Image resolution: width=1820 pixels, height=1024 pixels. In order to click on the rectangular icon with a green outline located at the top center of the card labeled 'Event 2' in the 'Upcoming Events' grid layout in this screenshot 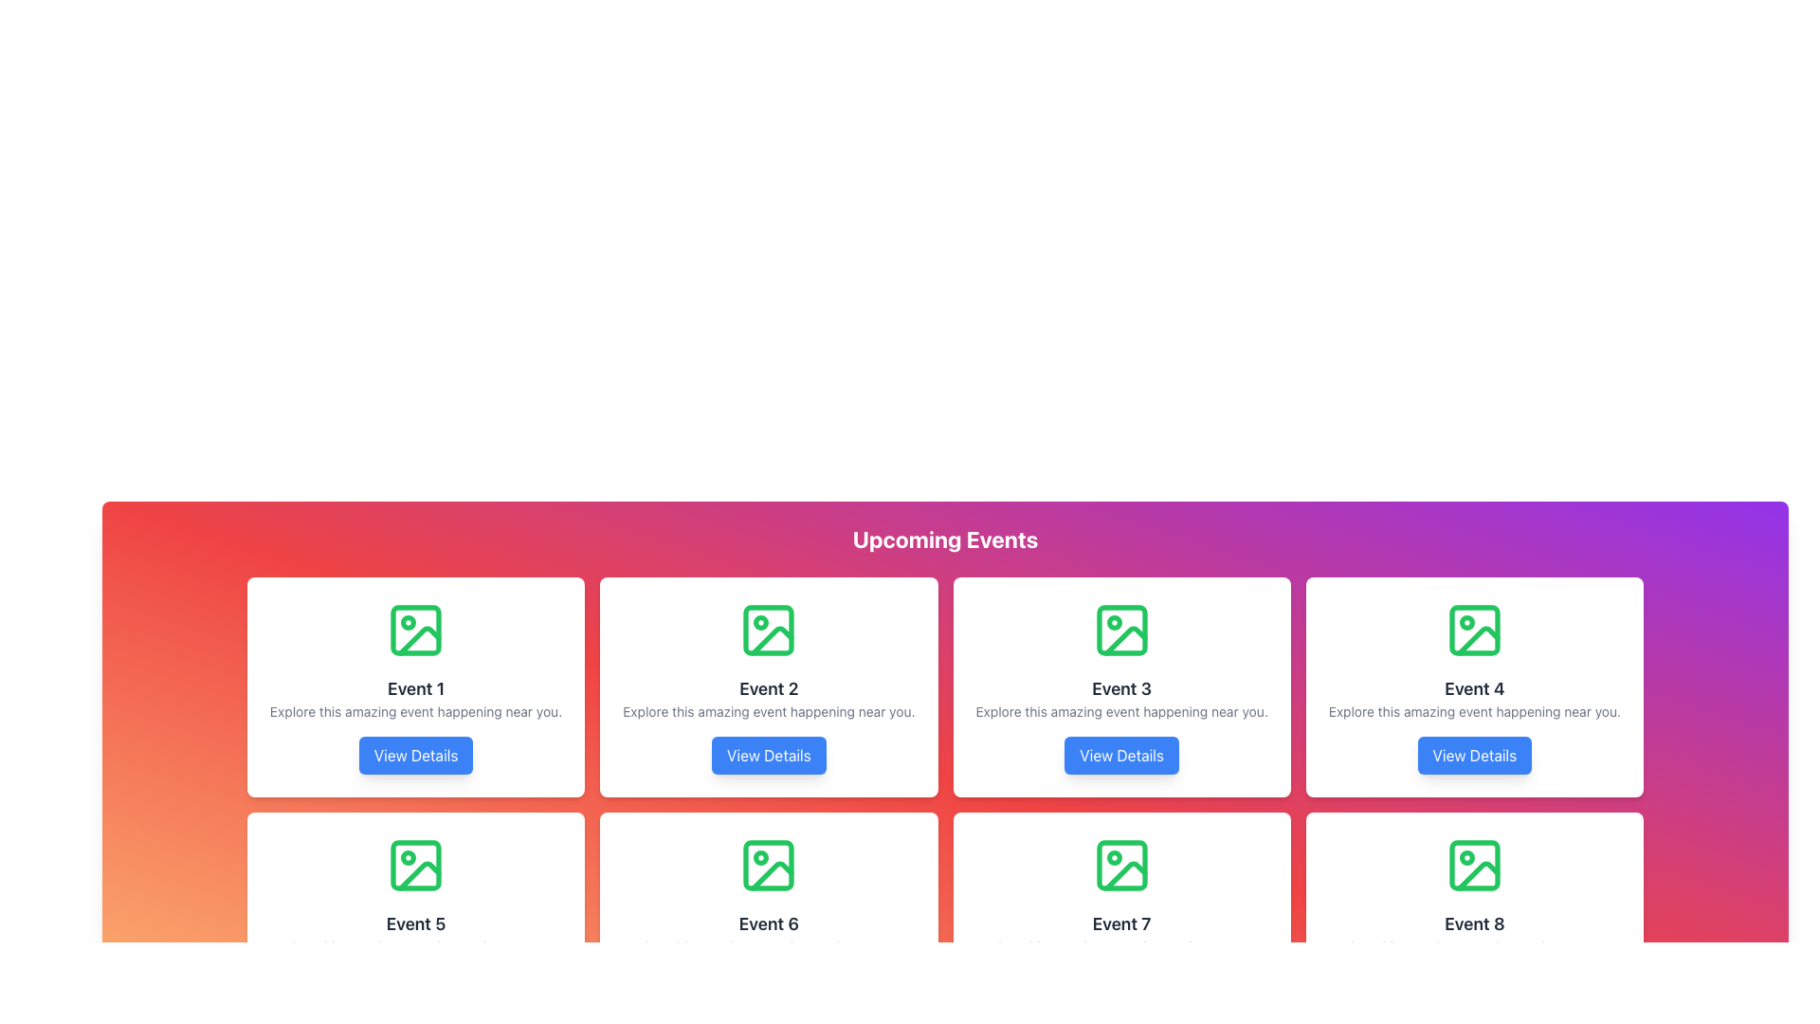, I will do `click(769, 630)`.